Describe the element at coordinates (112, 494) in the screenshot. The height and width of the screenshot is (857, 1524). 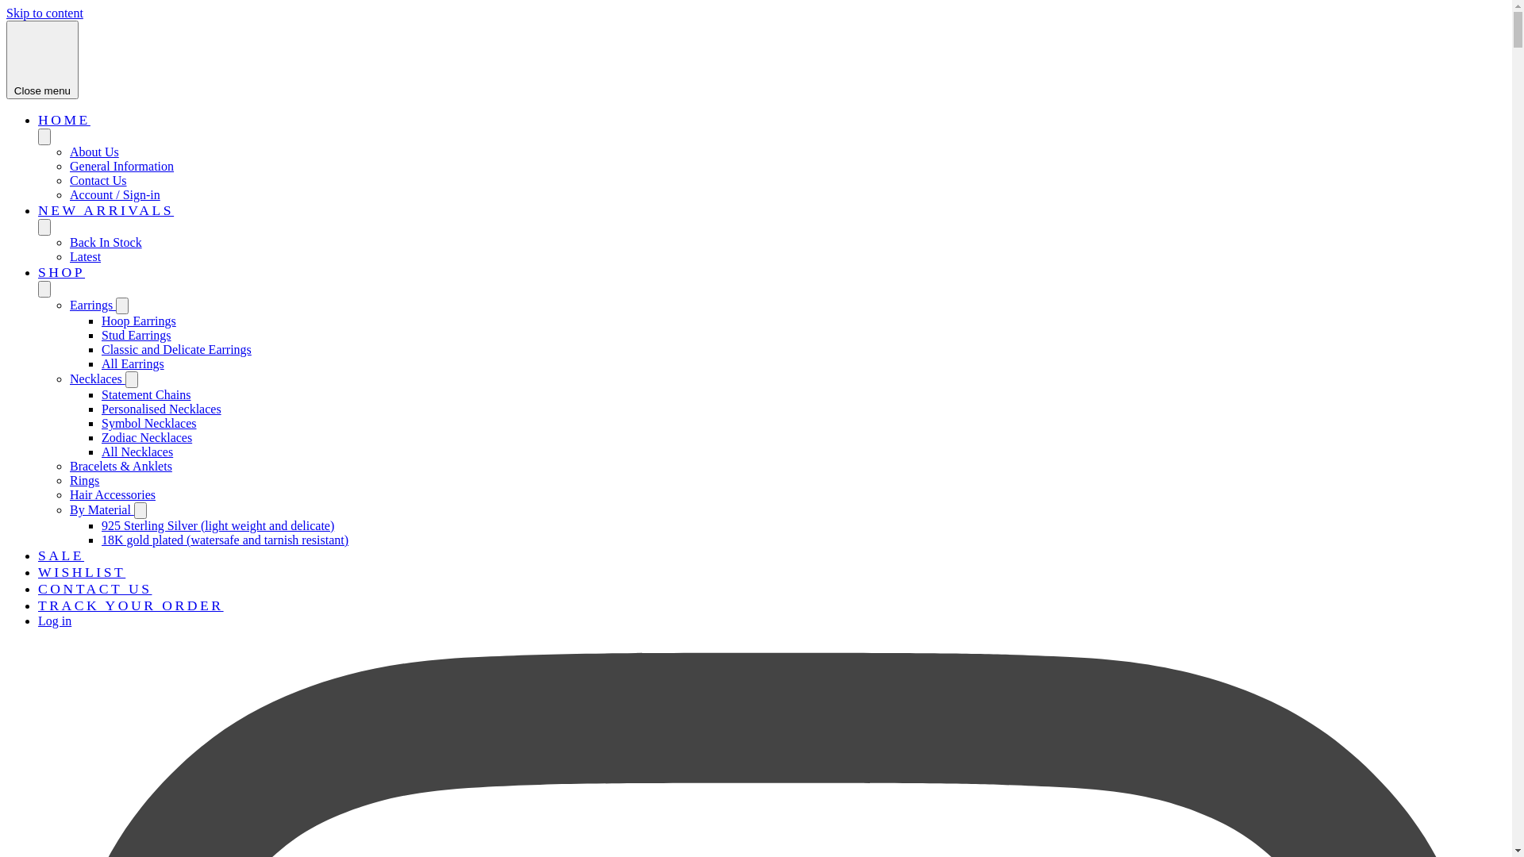
I see `'Hair Accessories'` at that location.